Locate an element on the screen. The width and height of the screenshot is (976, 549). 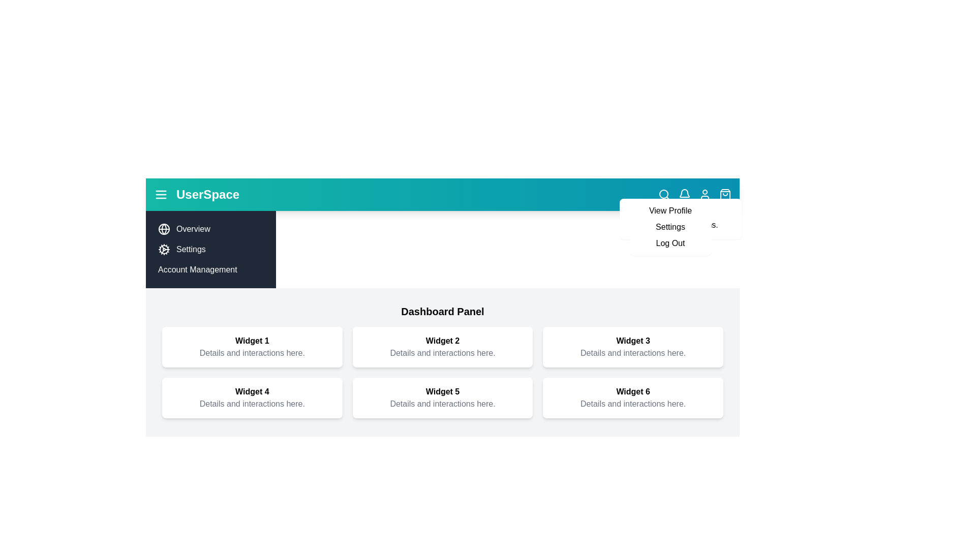
the hamburger menu icon consisting of three white horizontal lines stacked vertically on a teal background is located at coordinates (160, 194).